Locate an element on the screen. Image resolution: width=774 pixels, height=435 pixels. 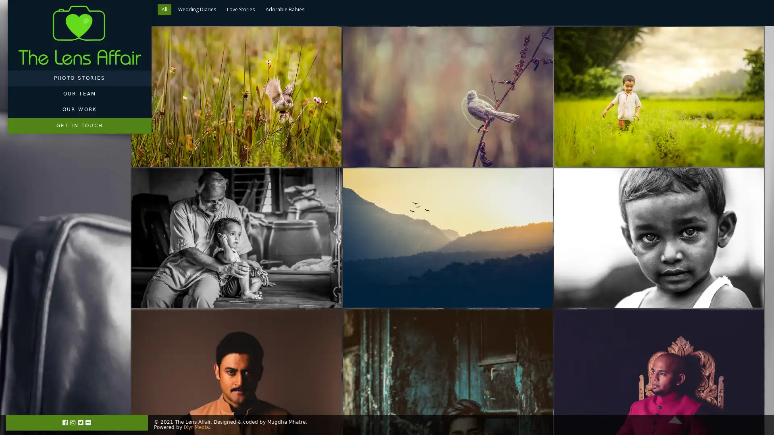
All is located at coordinates (164, 9).